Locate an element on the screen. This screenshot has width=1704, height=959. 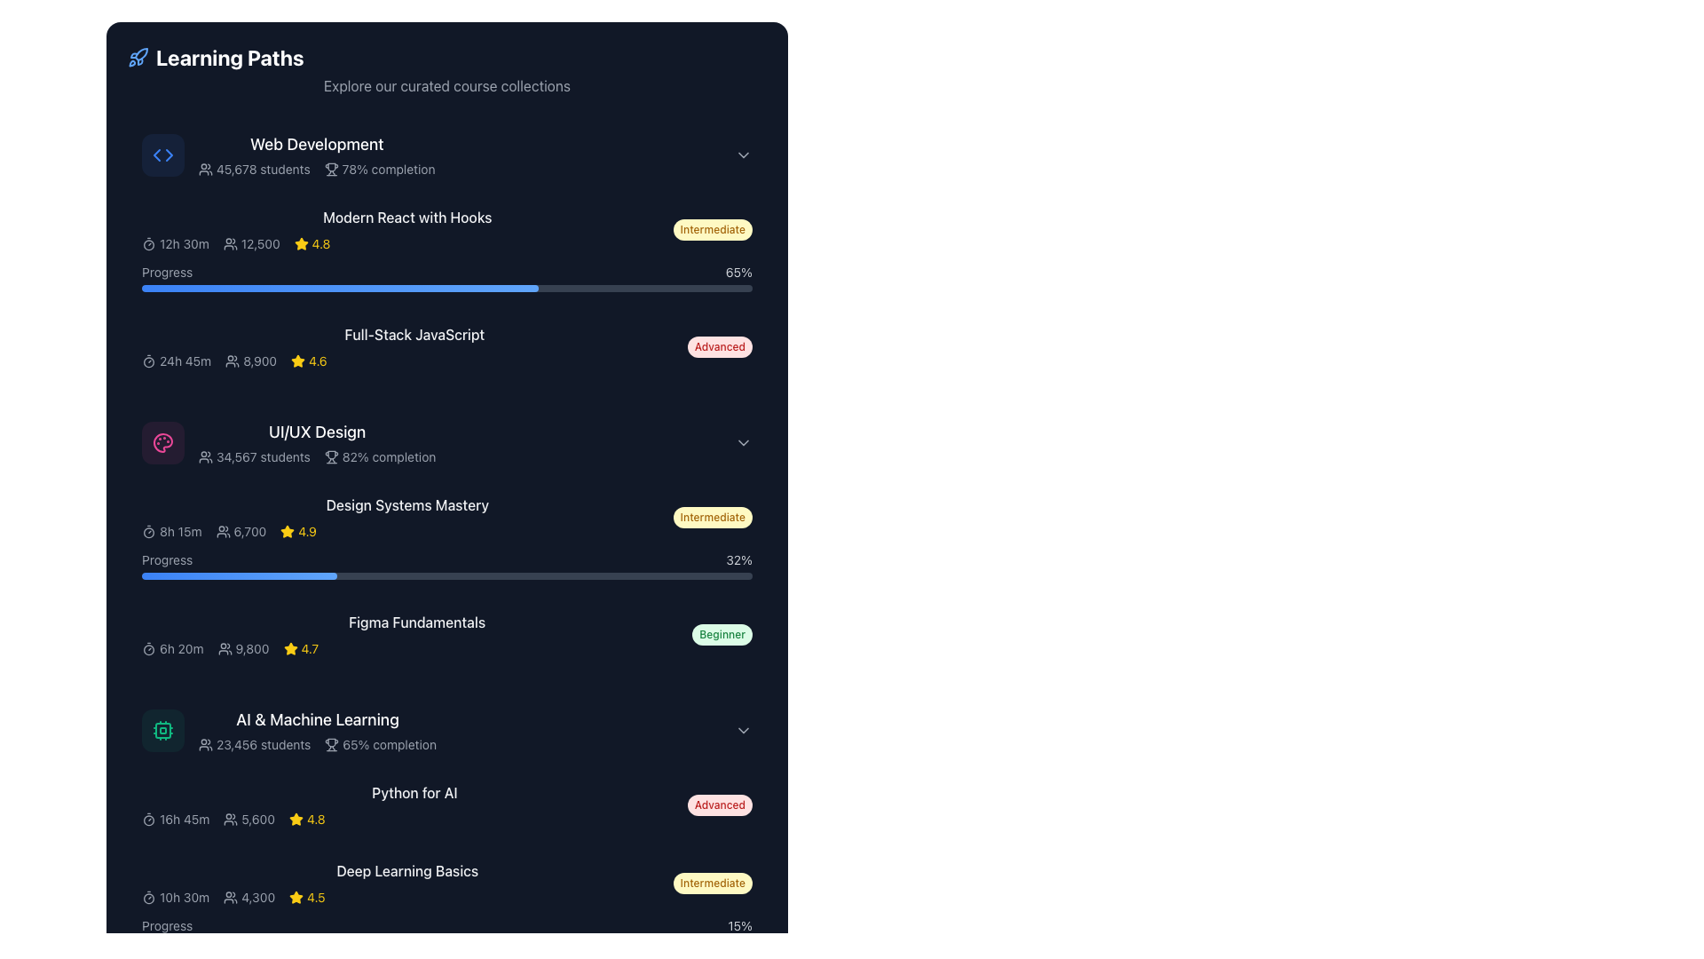
the small right-facing gray chevron icon that rotates upon interaction, located at the top-right corner of the 'Web Development' section header is located at coordinates (744, 154).